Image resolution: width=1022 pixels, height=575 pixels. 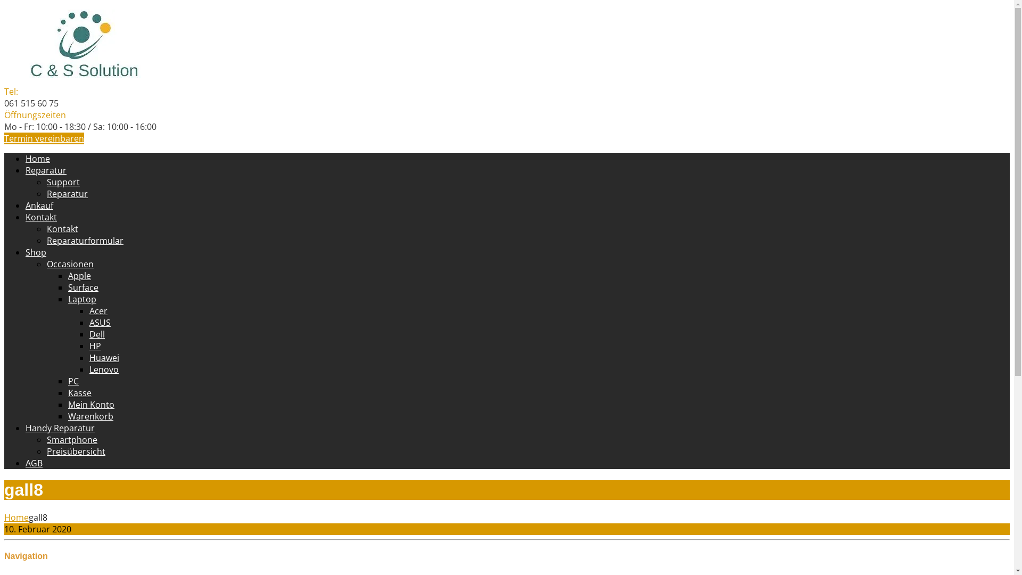 I want to click on 'Reparatur', so click(x=45, y=170).